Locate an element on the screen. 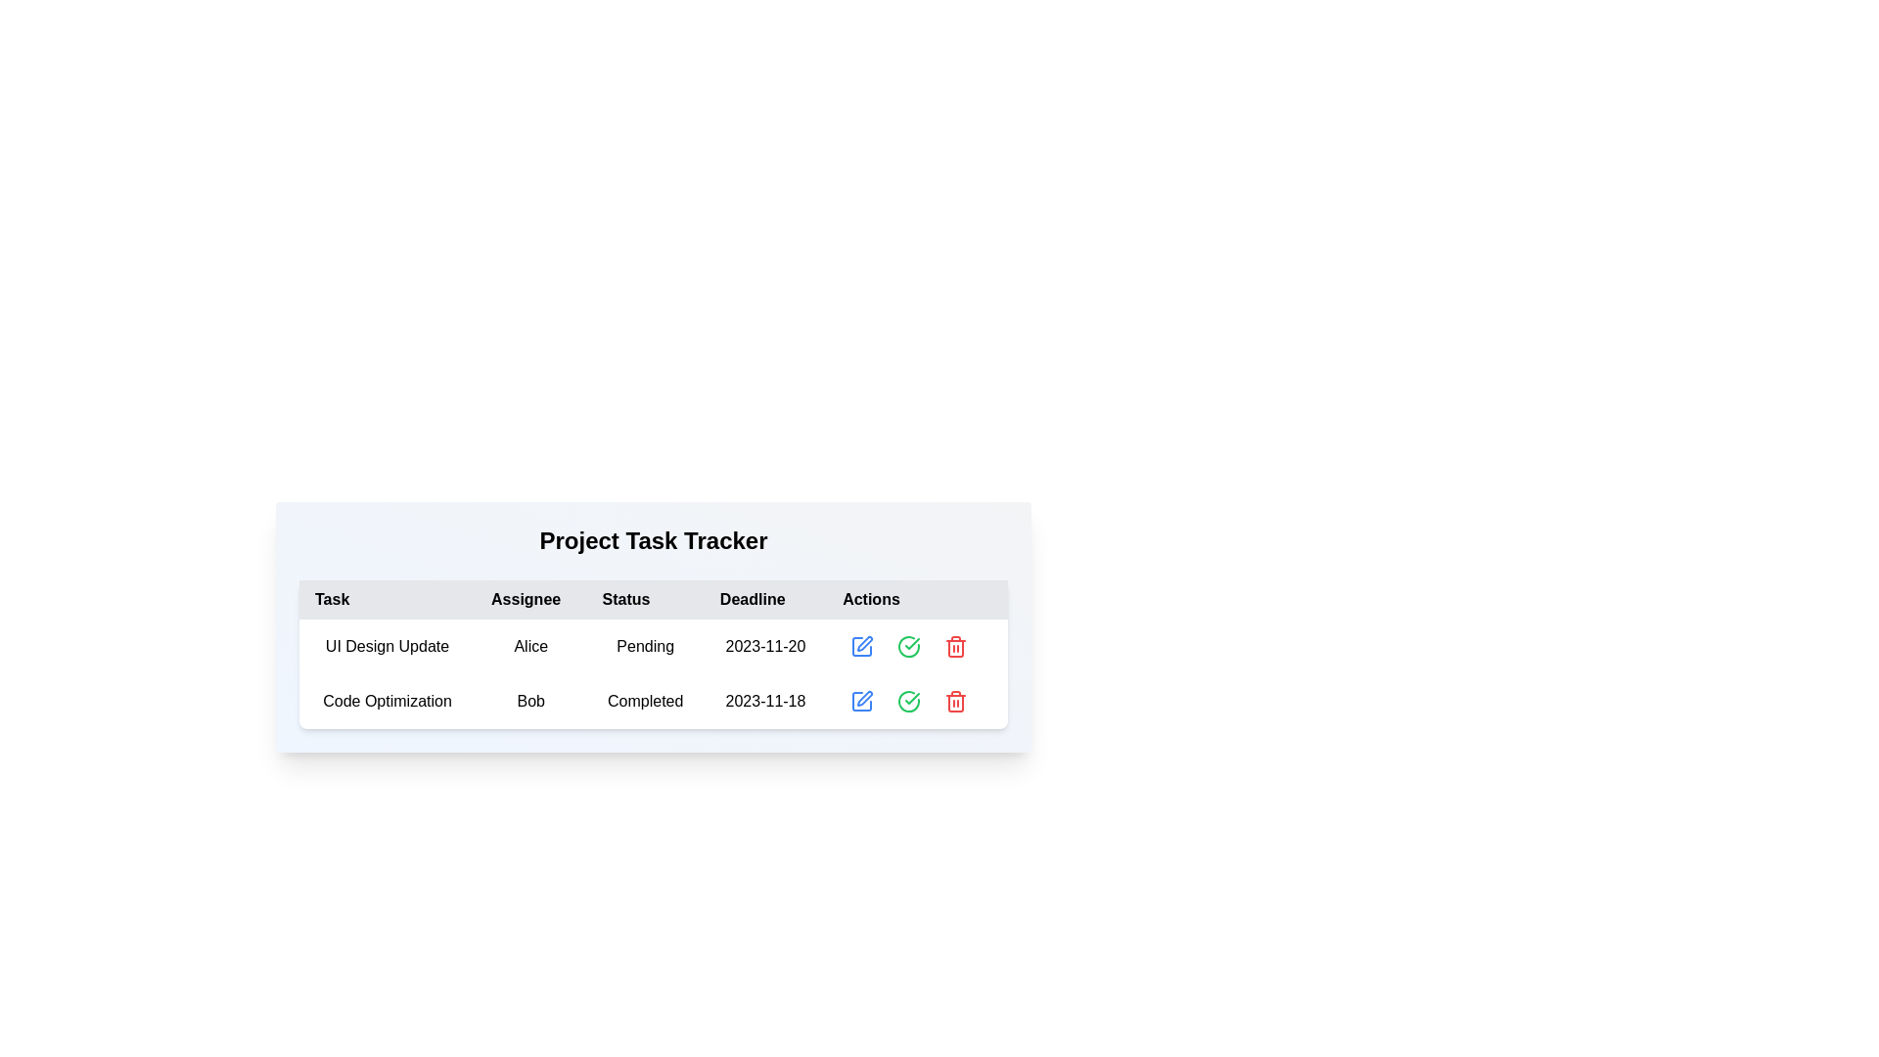  the green circular checkmark icon in the 'Actions' column for the 'Code Optimization' task is located at coordinates (908, 701).